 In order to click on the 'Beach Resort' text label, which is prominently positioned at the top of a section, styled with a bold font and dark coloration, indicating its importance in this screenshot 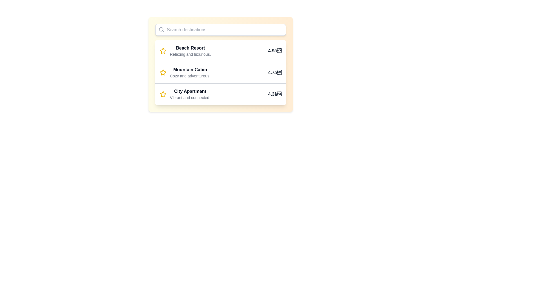, I will do `click(190, 48)`.